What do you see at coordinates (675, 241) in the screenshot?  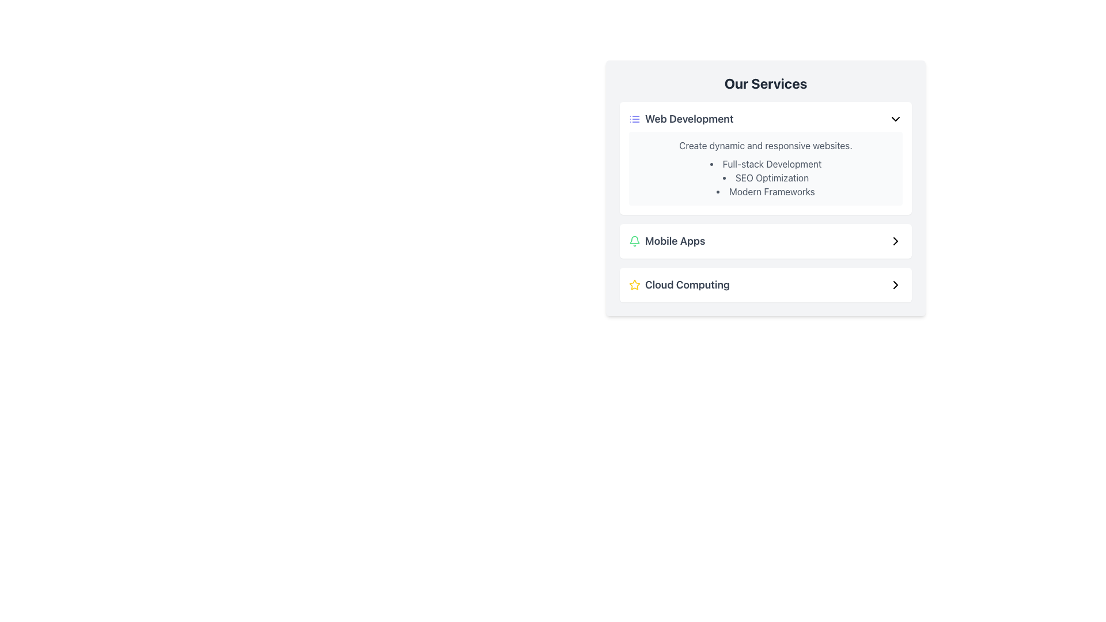 I see `the Static Text displaying 'Mobile Apps', which is located beneath the 'Web Development' section and to the right of a small green icon` at bounding box center [675, 241].